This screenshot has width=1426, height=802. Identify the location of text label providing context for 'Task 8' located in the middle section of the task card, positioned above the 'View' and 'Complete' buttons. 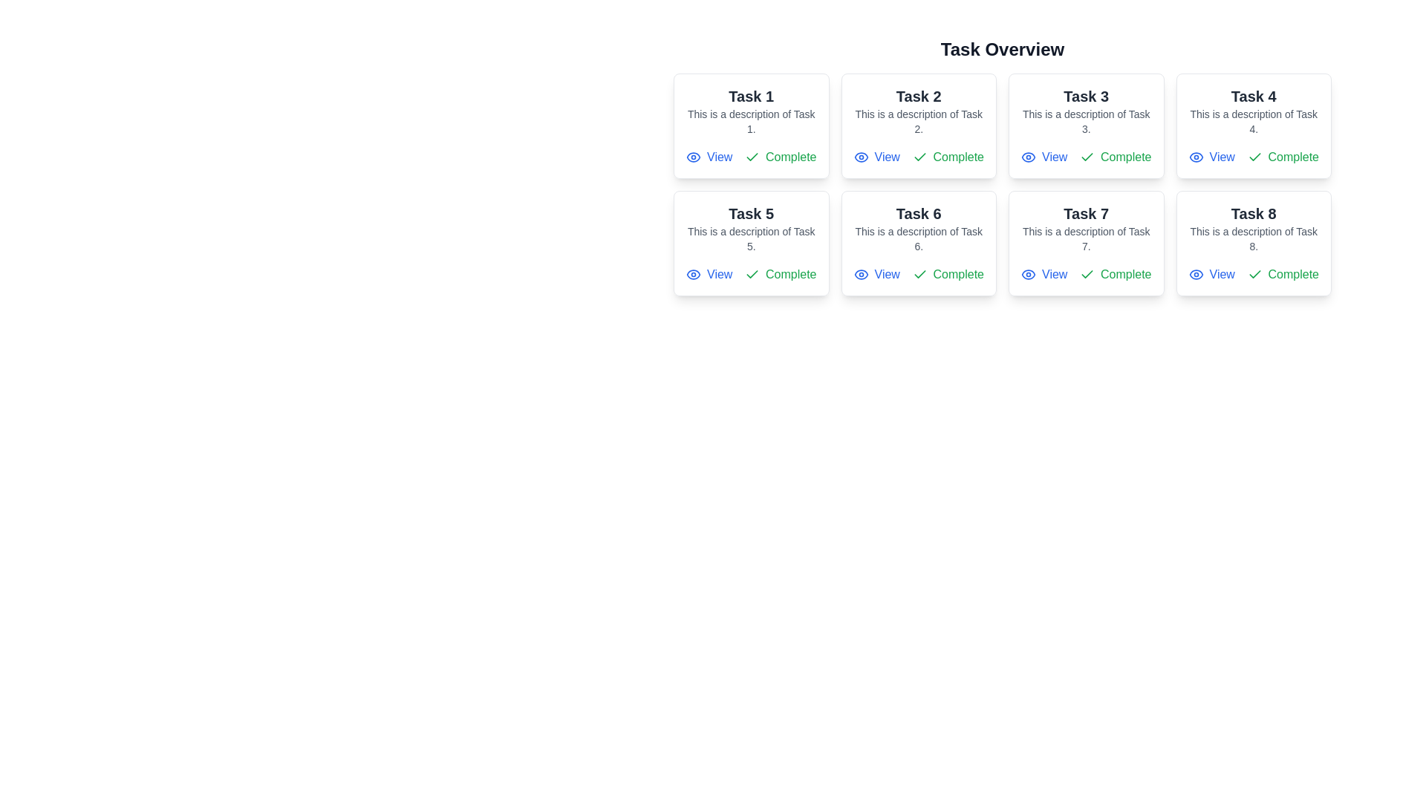
(1253, 238).